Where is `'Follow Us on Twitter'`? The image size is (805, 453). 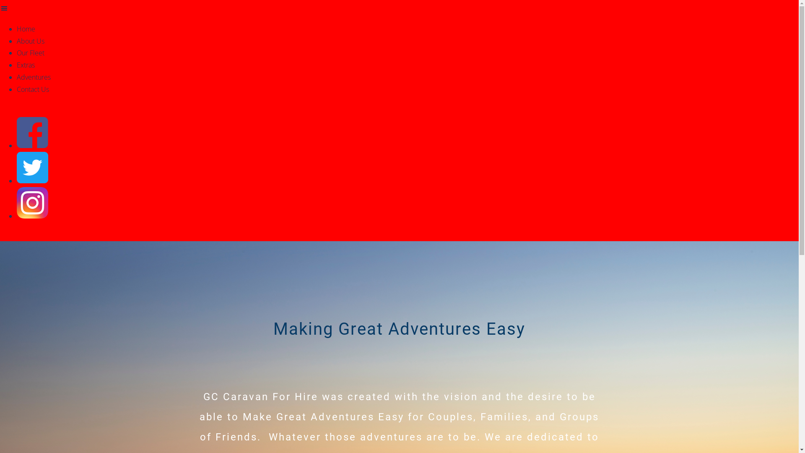
'Follow Us on Twitter' is located at coordinates (32, 180).